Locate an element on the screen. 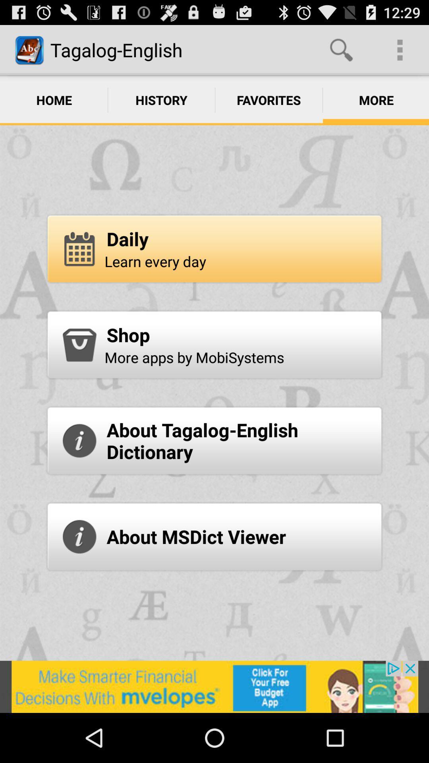  more next to favourites is located at coordinates (375, 100).